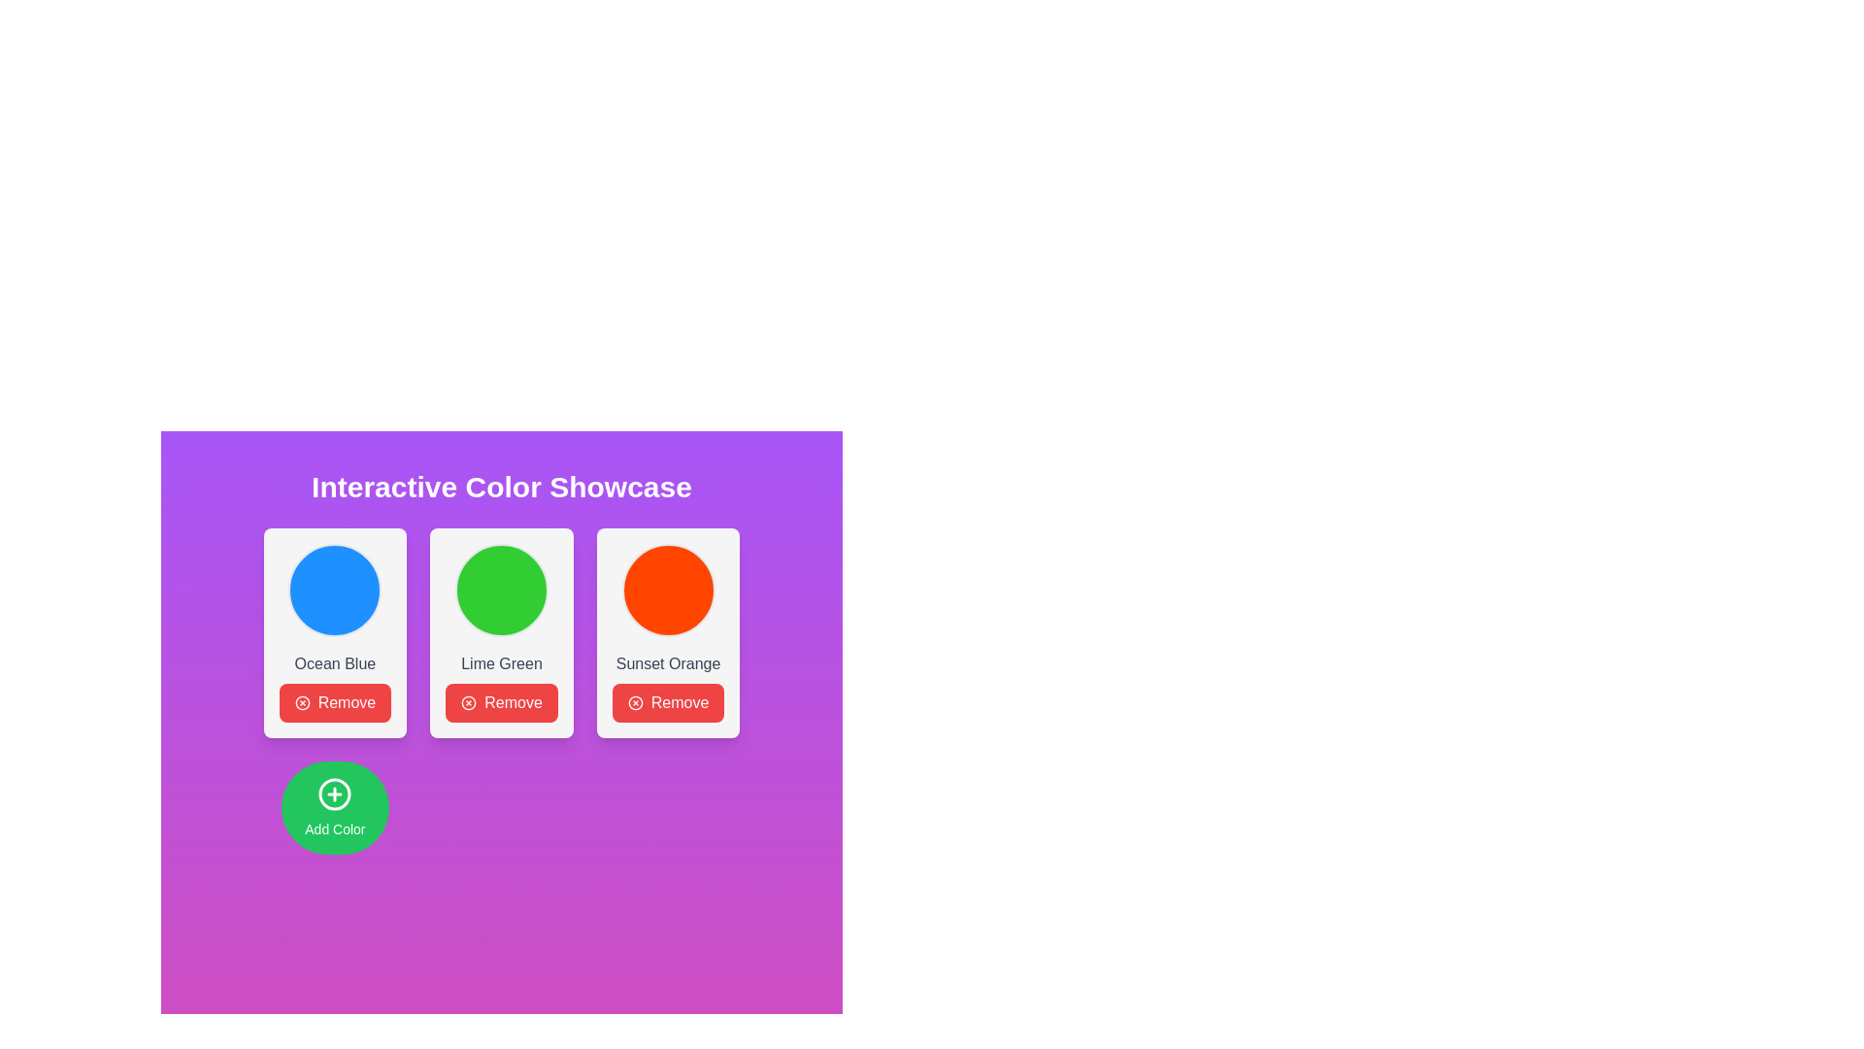  I want to click on the button for adding a new color, so click(335, 808).